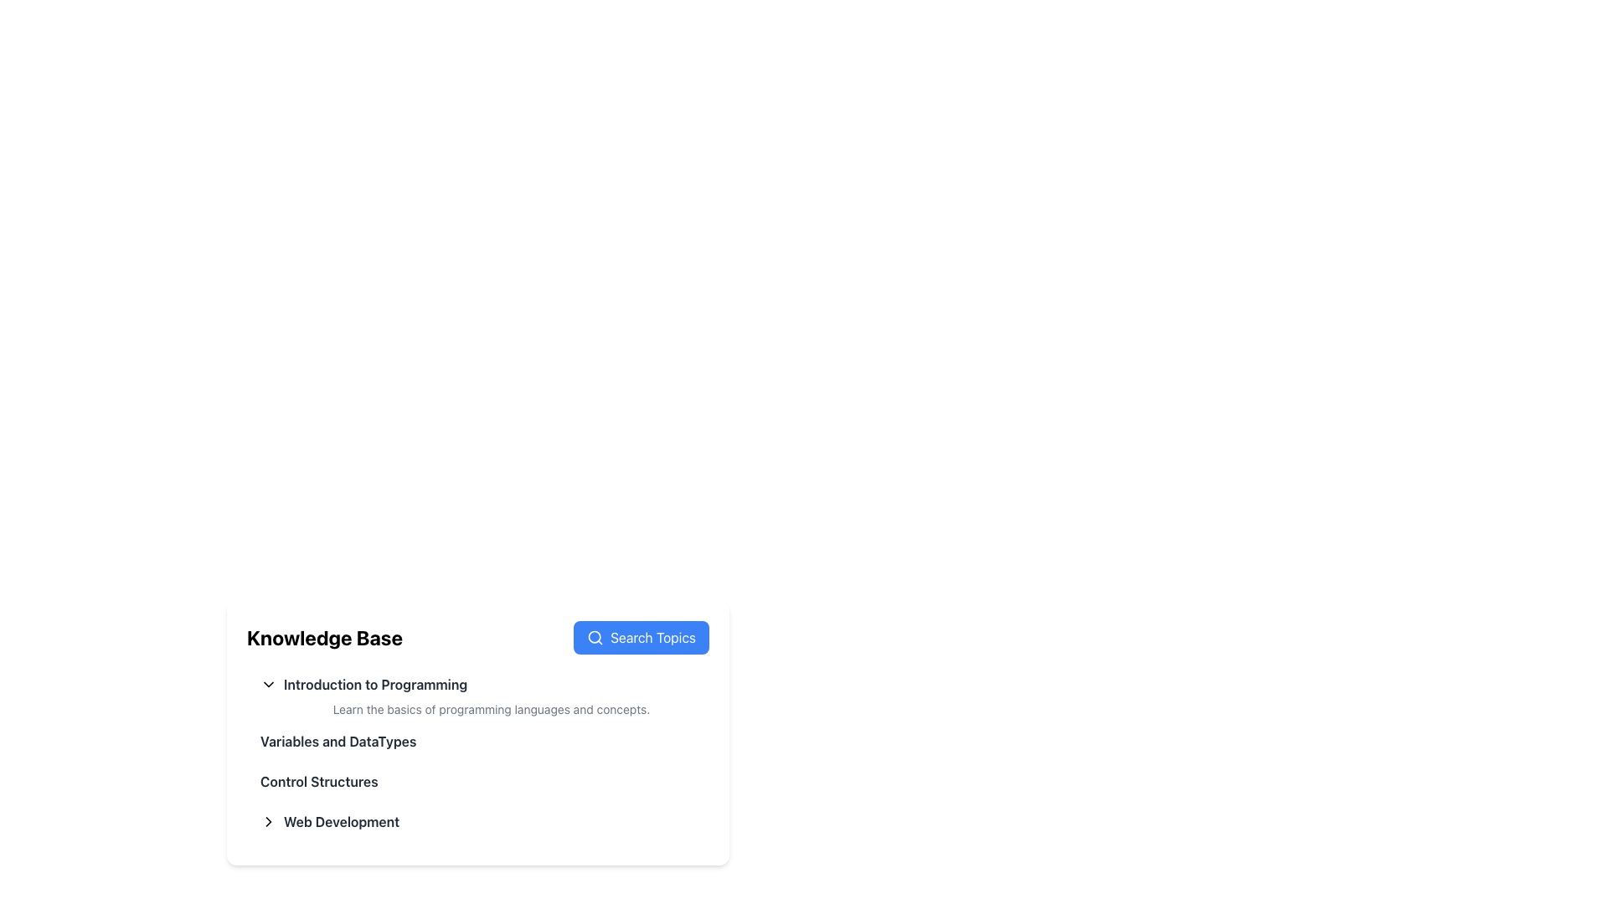 Image resolution: width=1608 pixels, height=904 pixels. Describe the element at coordinates (337, 741) in the screenshot. I see `the Navigational List Item labeled 'Variables and DataTypes'` at that location.